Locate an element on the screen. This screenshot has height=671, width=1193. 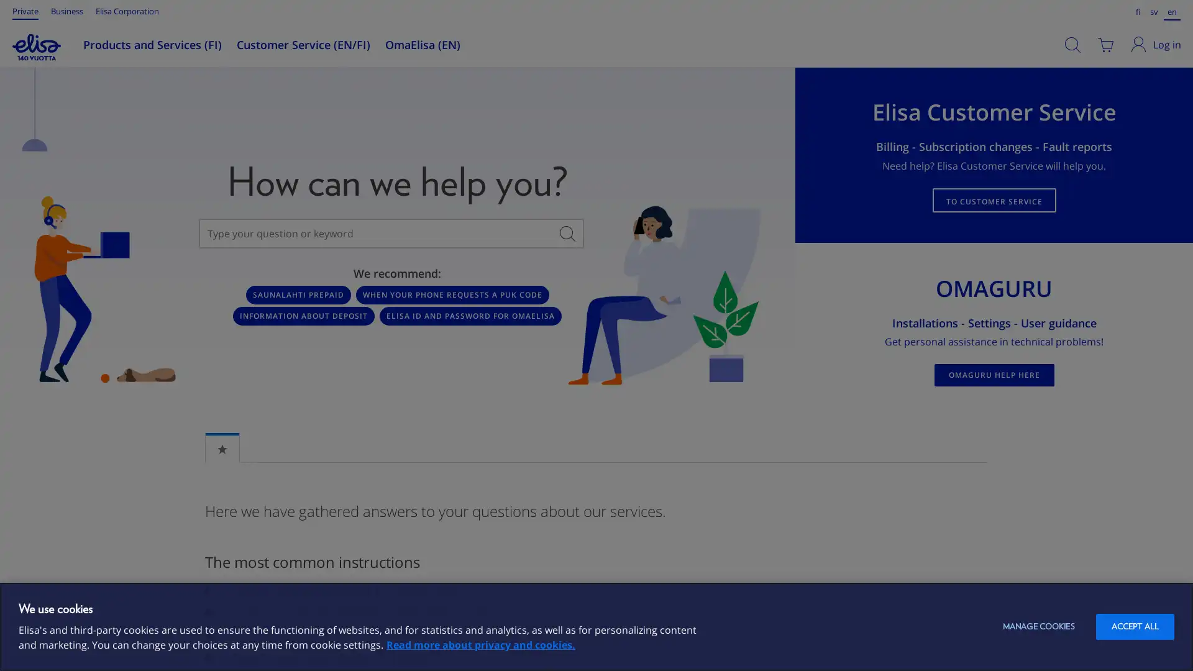
MANAGE COOKIES is located at coordinates (1038, 627).